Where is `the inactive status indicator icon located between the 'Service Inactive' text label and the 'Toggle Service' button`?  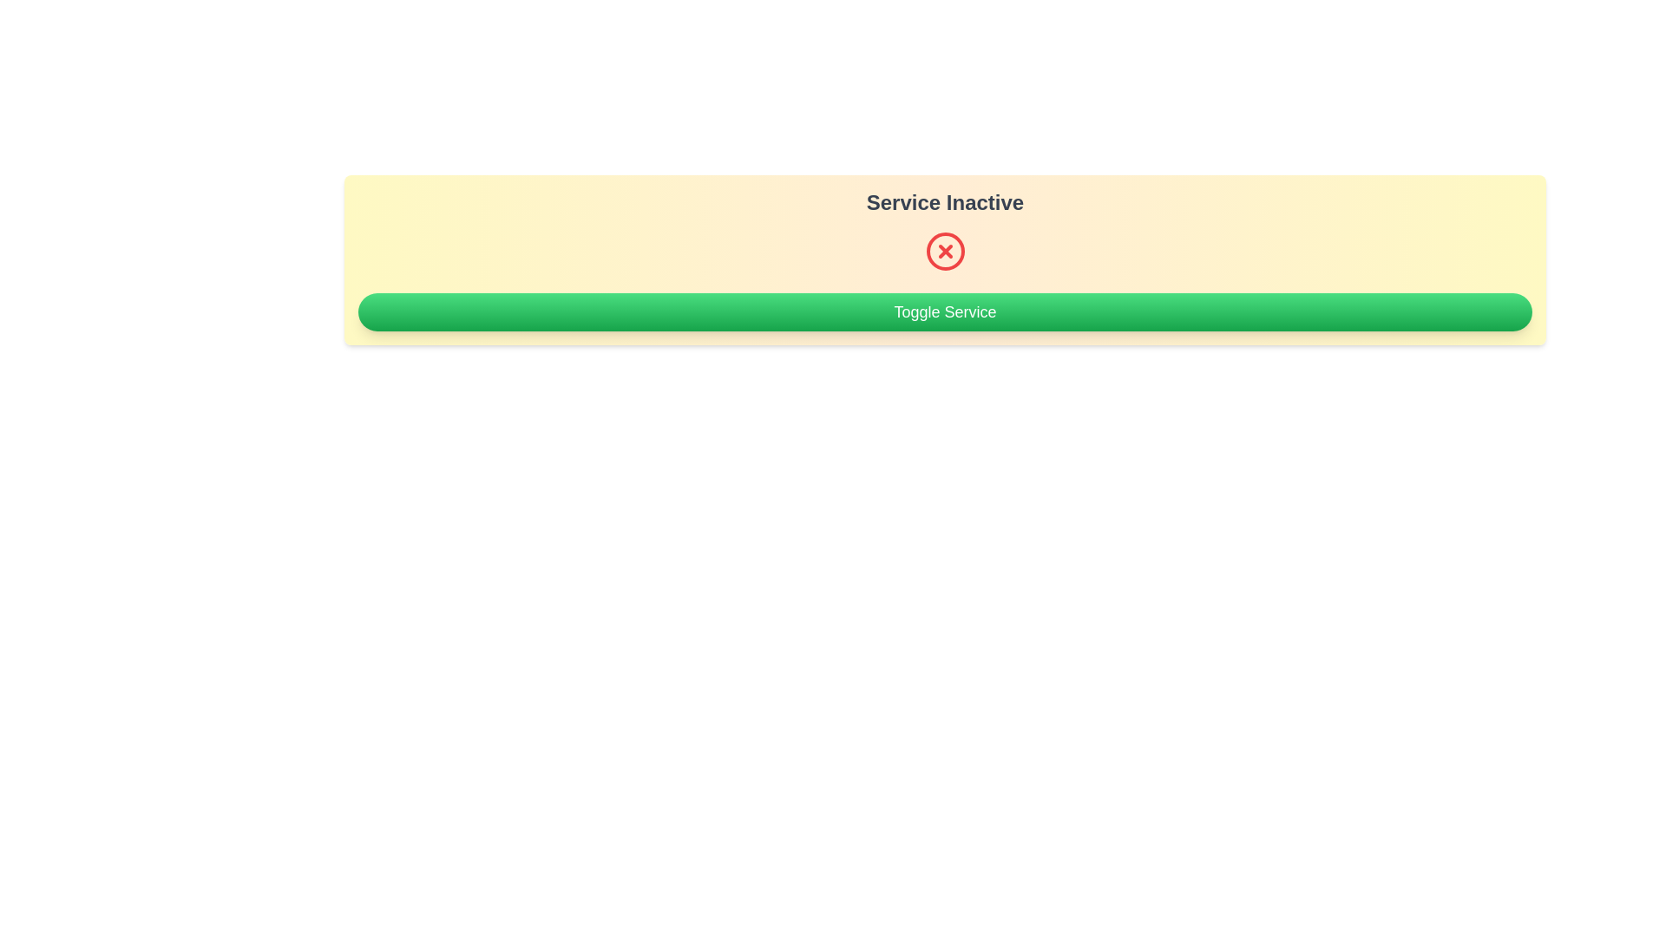 the inactive status indicator icon located between the 'Service Inactive' text label and the 'Toggle Service' button is located at coordinates (944, 251).